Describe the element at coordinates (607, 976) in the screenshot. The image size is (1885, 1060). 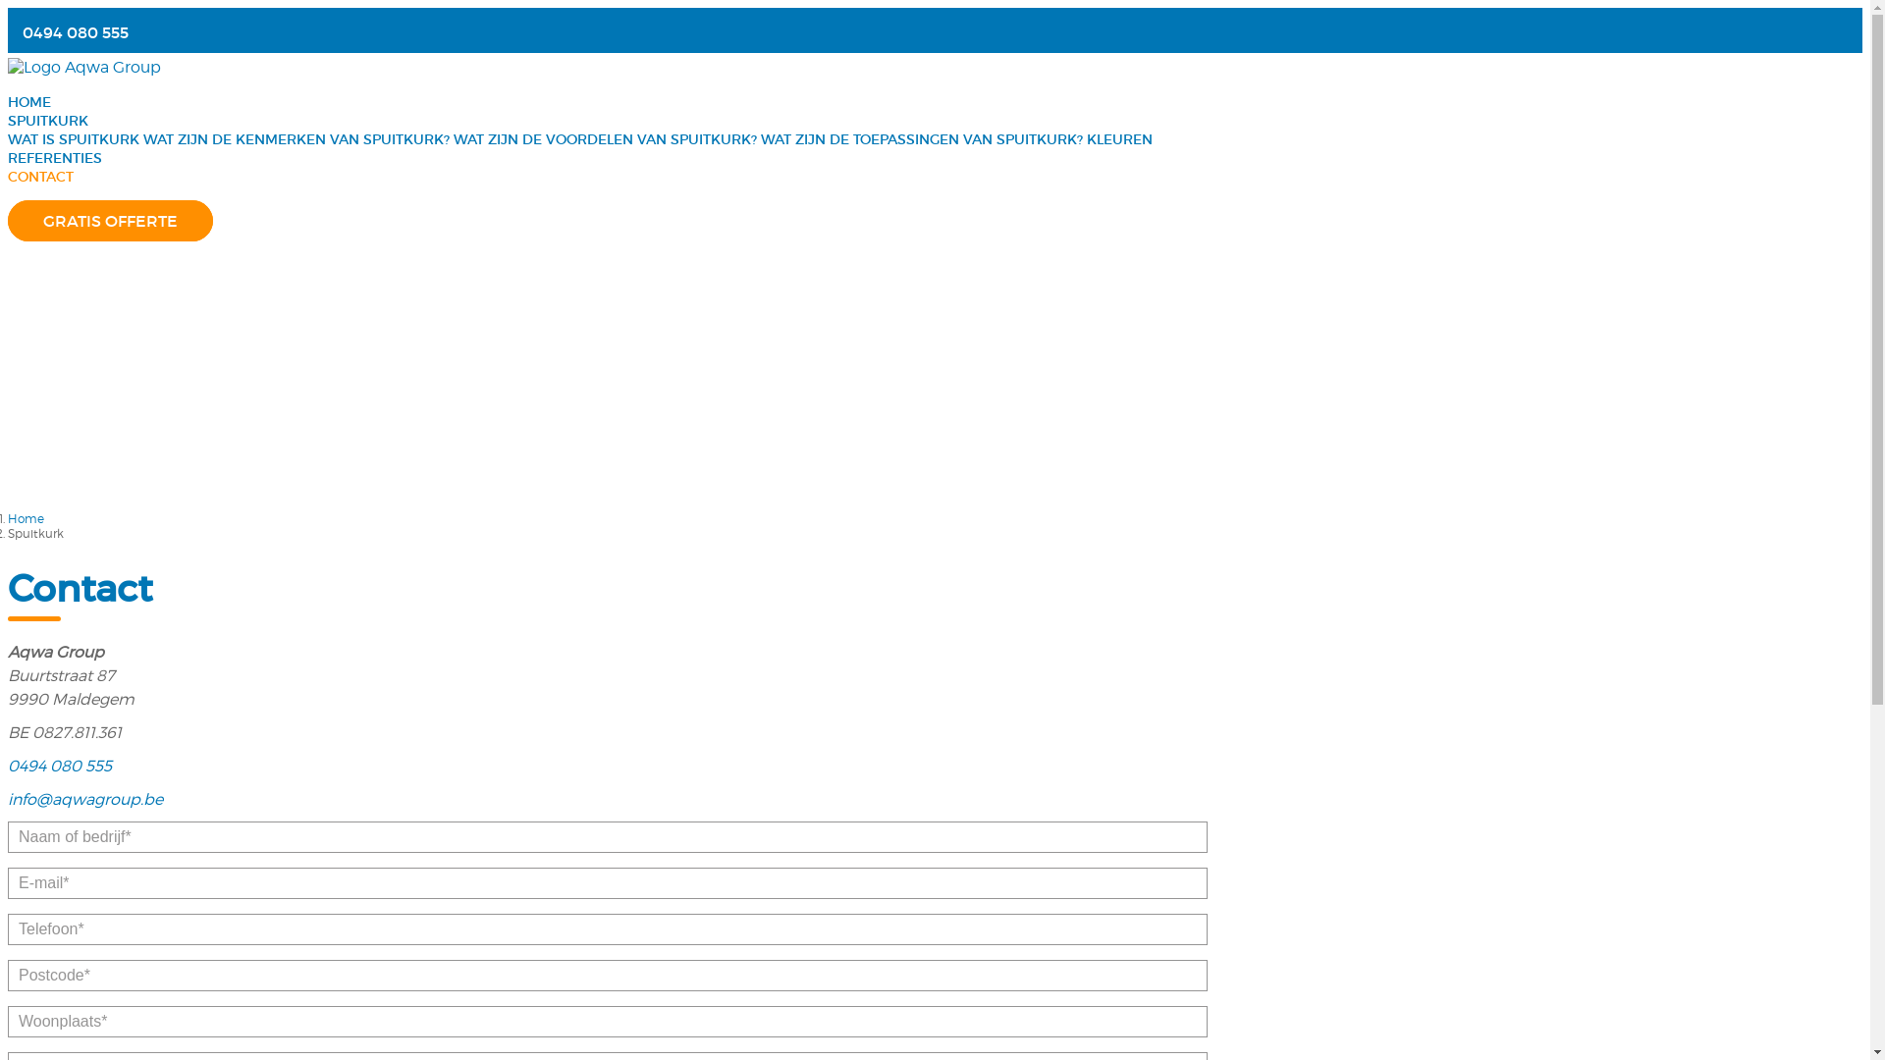
I see `'Tik uw postcode in aub.'` at that location.